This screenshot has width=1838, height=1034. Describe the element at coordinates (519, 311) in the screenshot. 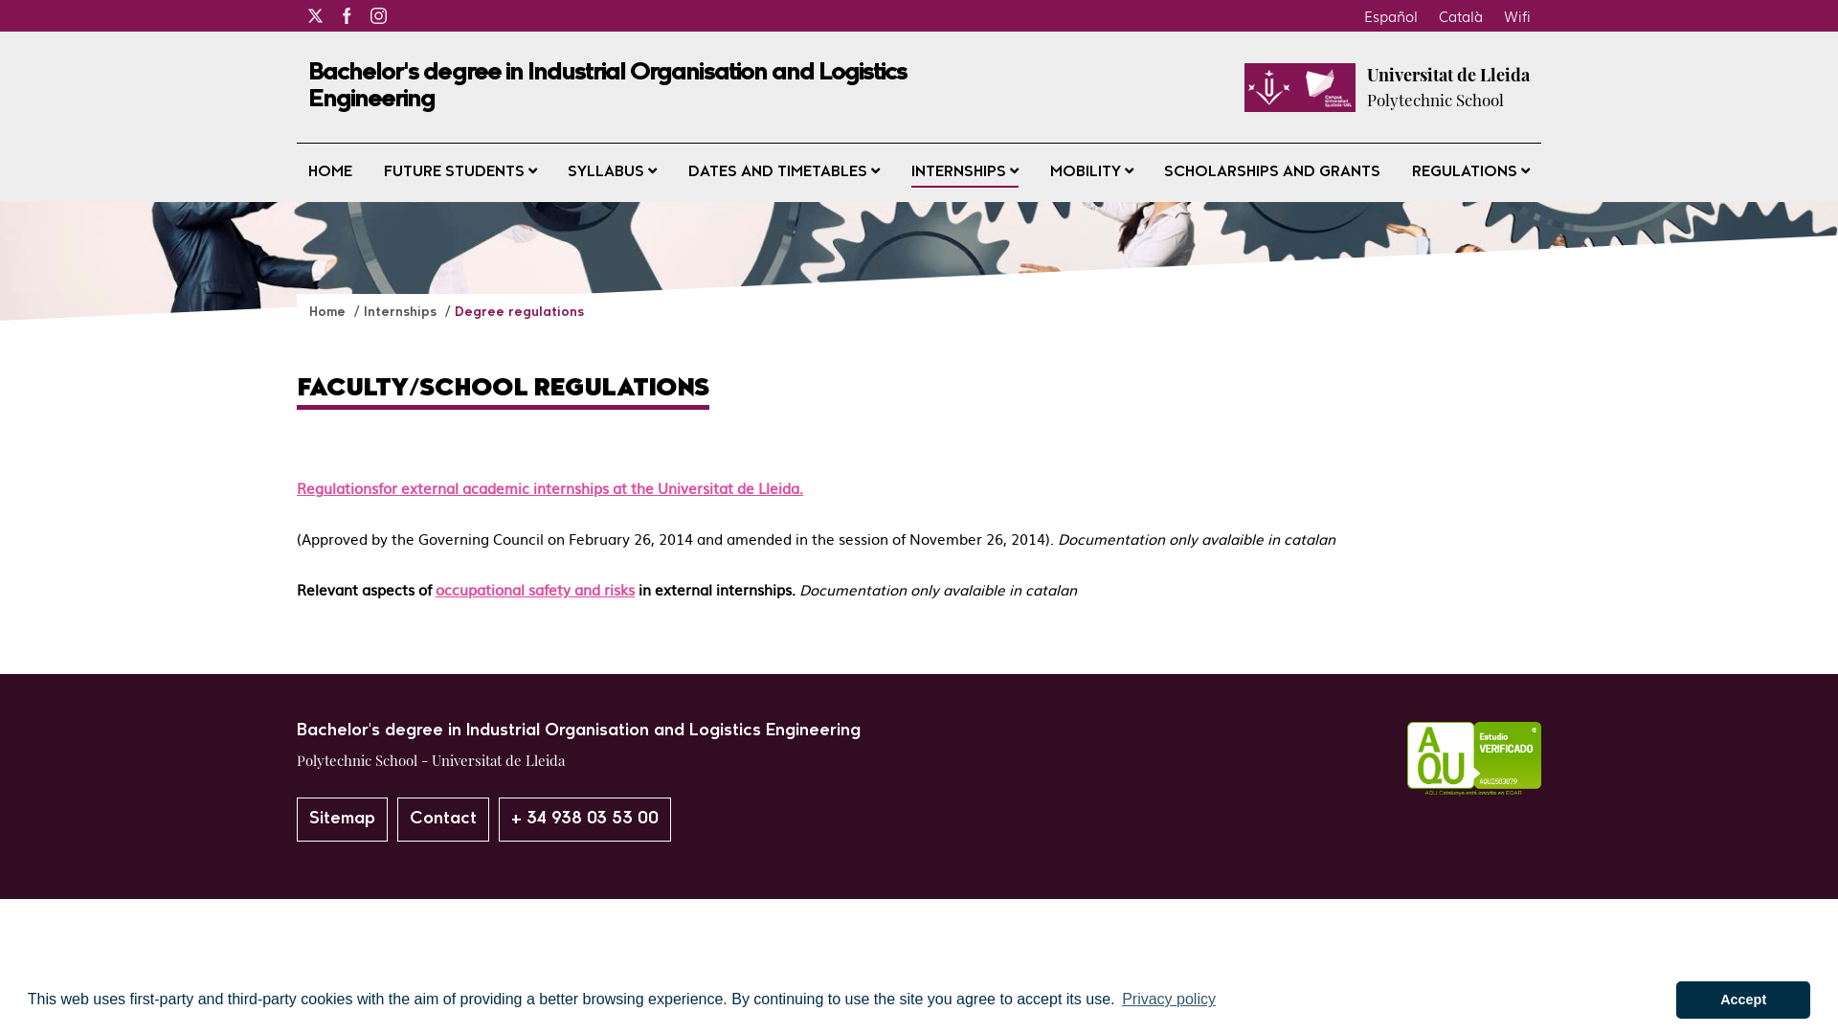

I see `'Degree regulations'` at that location.